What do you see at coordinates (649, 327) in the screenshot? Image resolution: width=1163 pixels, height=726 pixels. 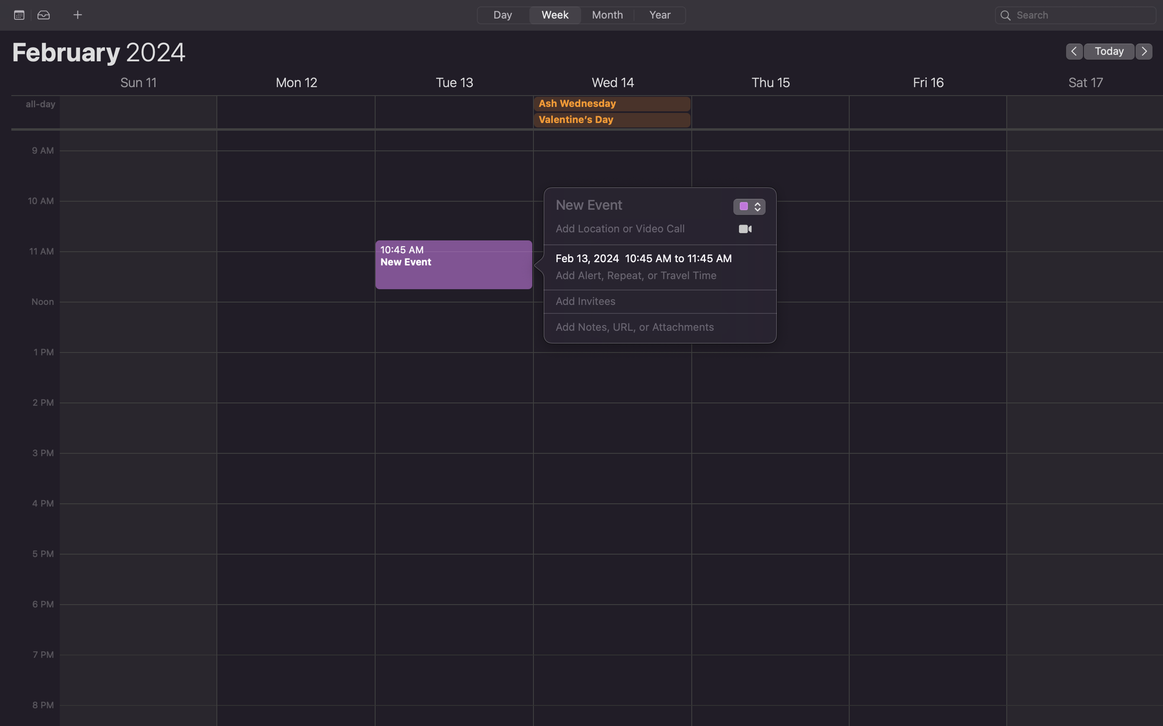 I see `Add the notes "Please RSVP by Friday"` at bounding box center [649, 327].